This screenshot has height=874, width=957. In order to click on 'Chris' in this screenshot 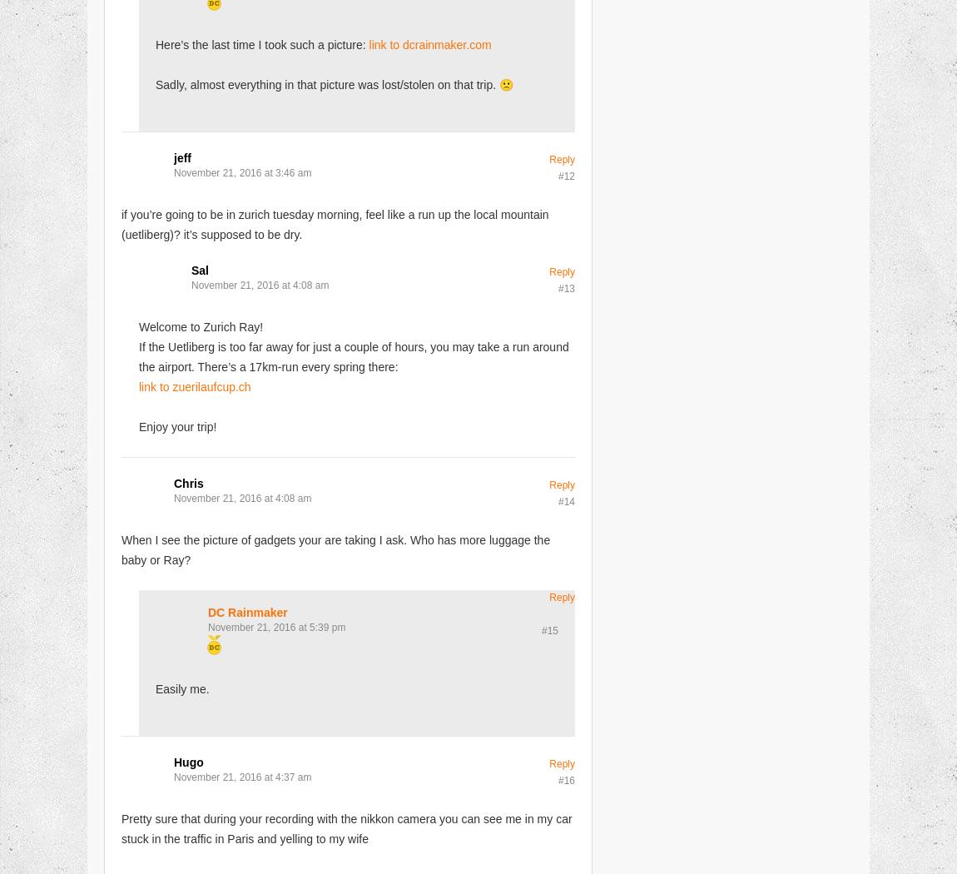, I will do `click(187, 482)`.